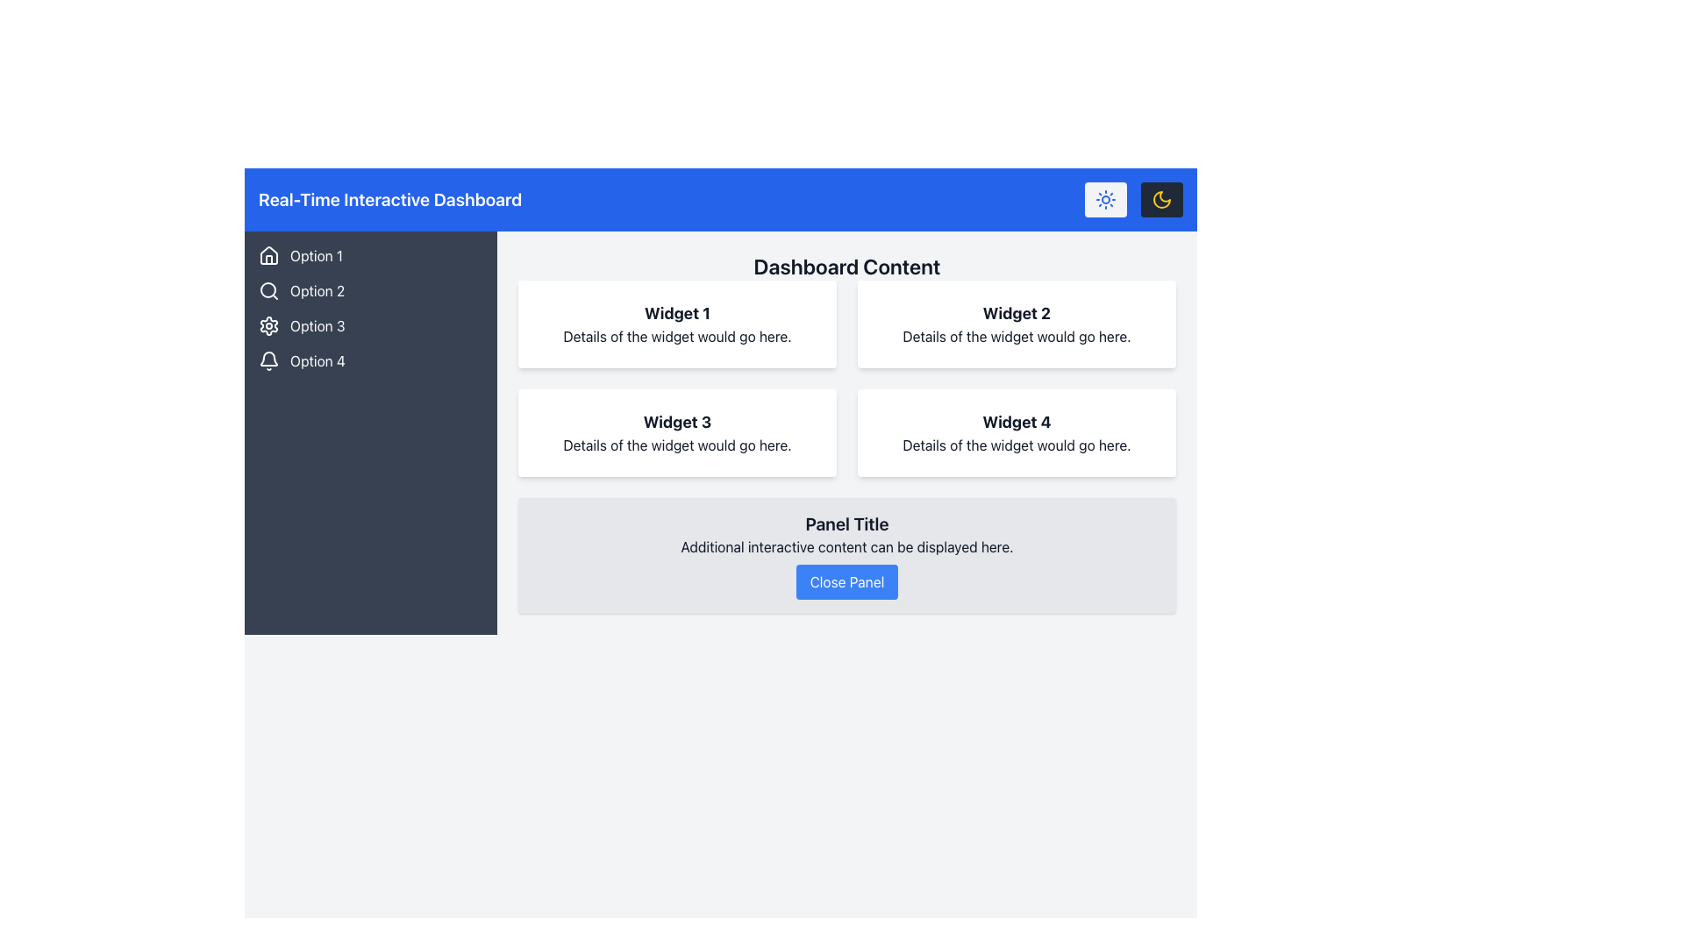  I want to click on the 'Option 4' text label in the vertical menu, so click(318, 360).